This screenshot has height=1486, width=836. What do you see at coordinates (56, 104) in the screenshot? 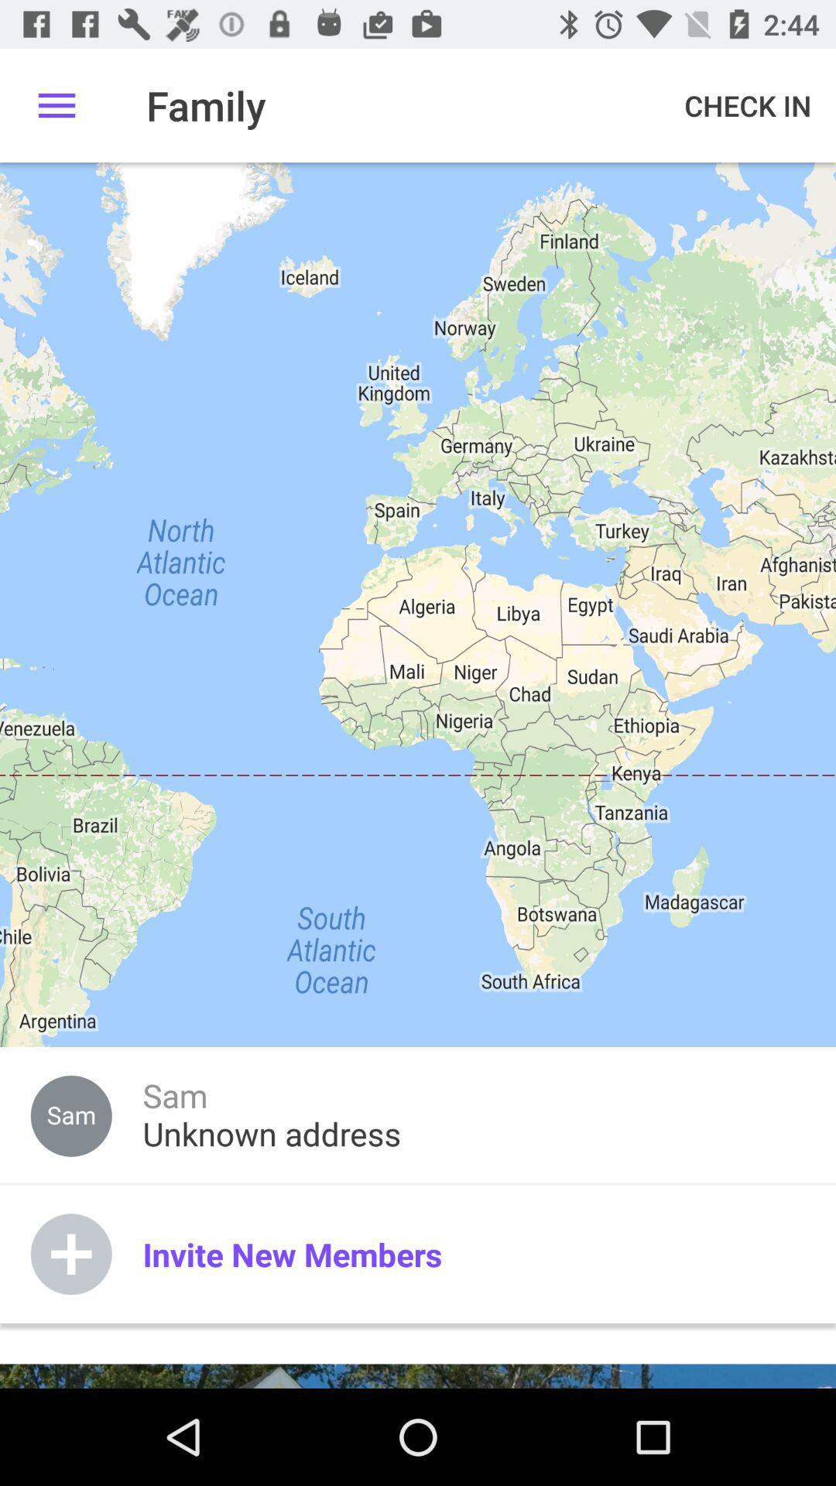
I see `the item next to the family` at bounding box center [56, 104].